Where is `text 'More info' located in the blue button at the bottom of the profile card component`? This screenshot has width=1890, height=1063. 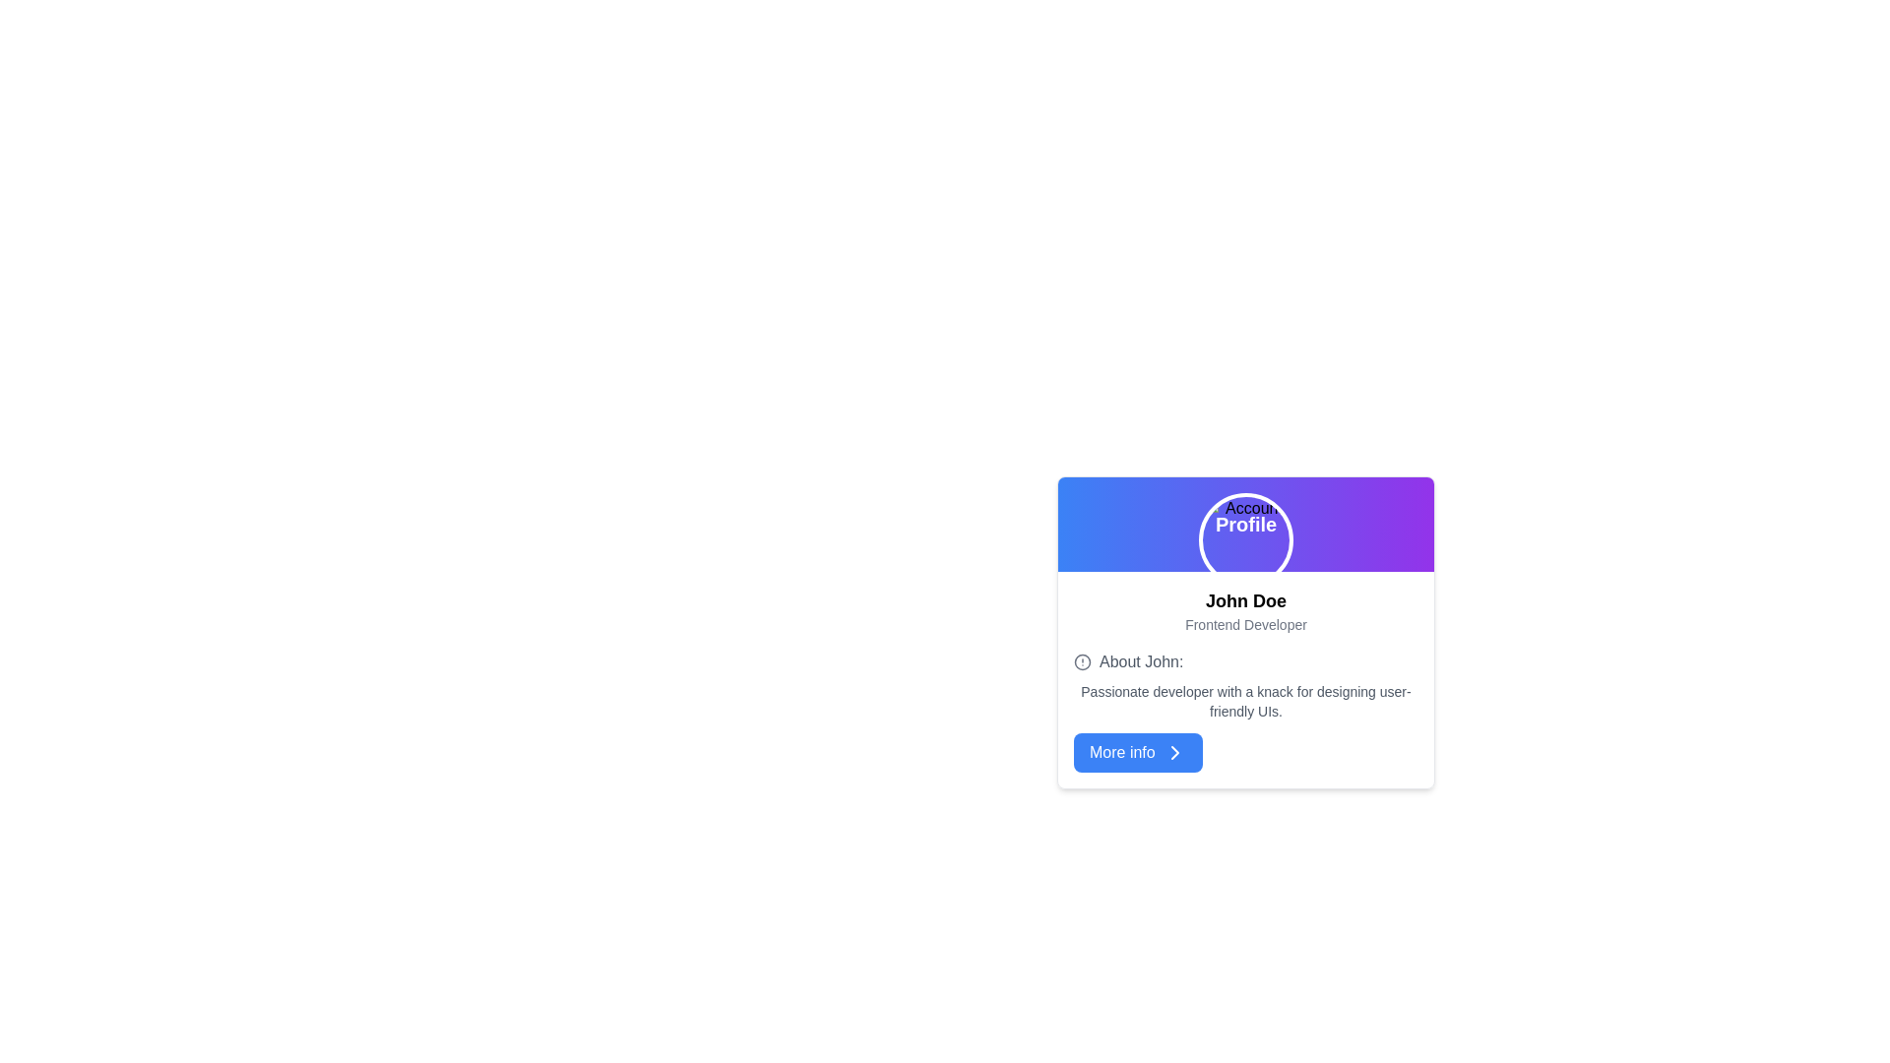
text 'More info' located in the blue button at the bottom of the profile card component is located at coordinates (1122, 752).